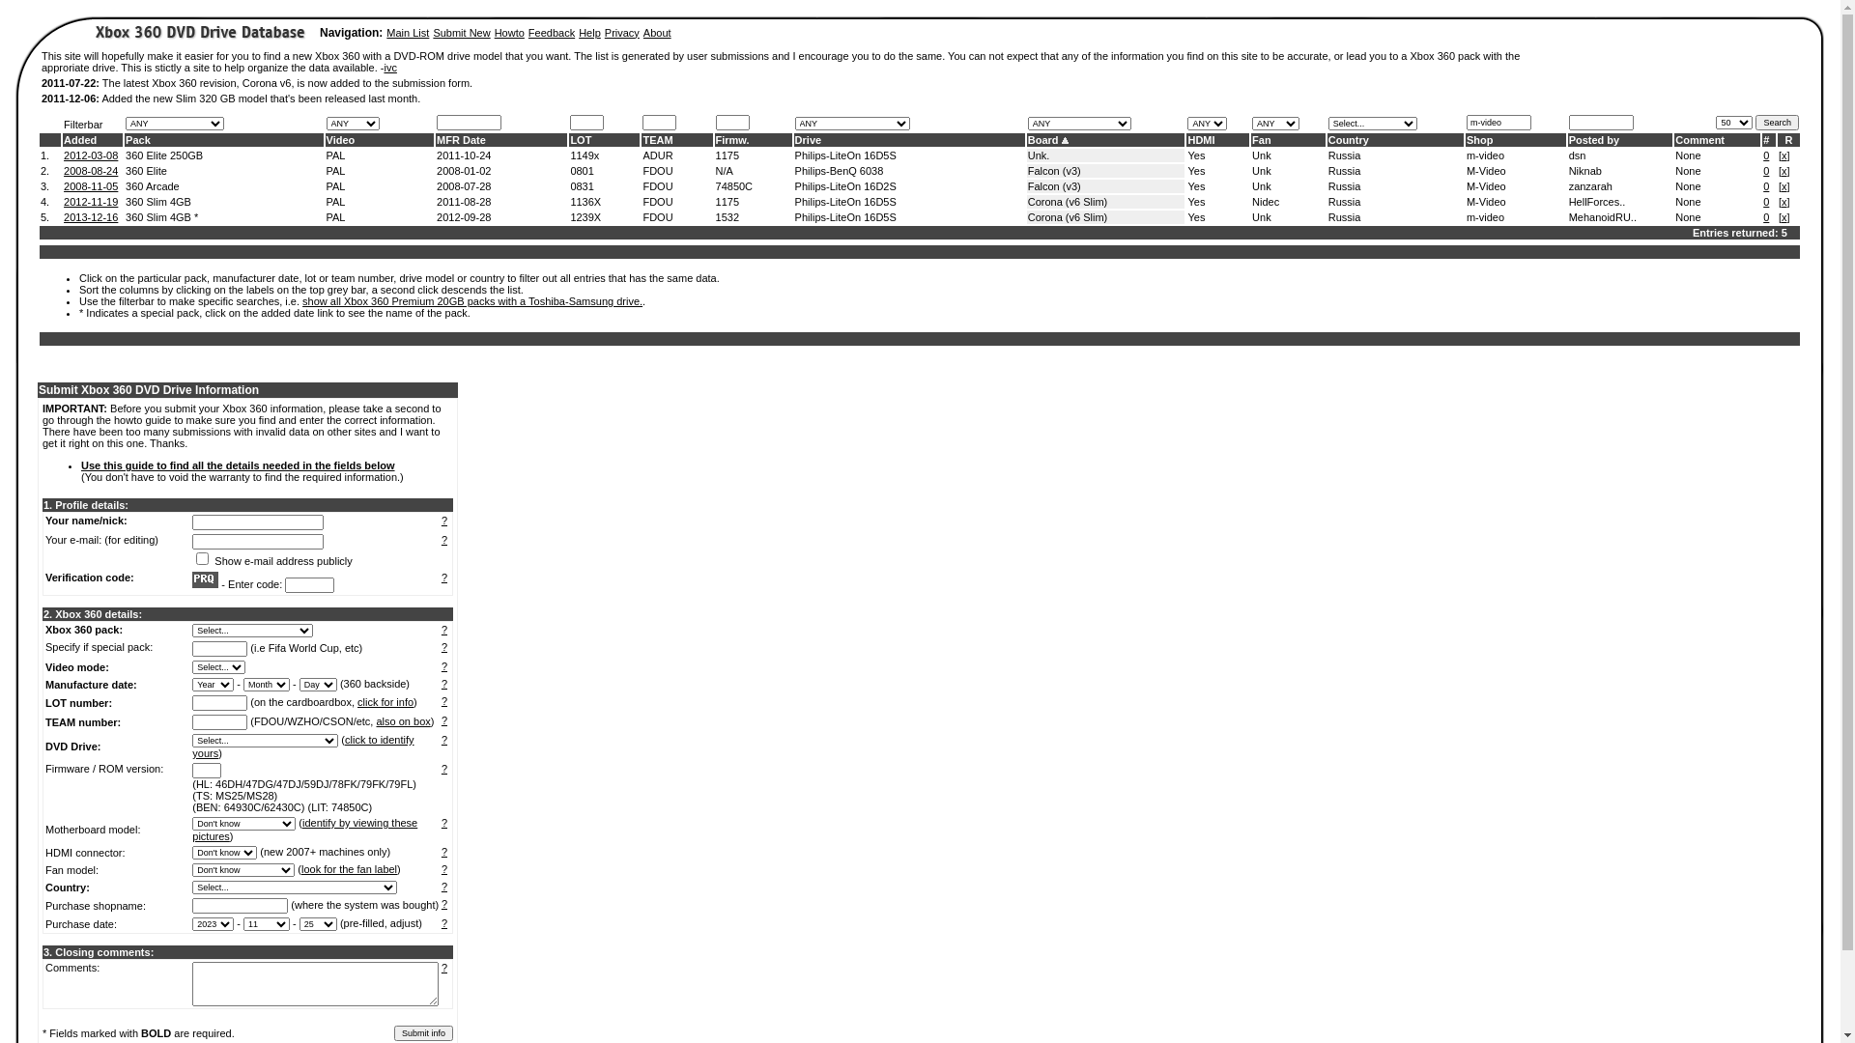  What do you see at coordinates (845, 201) in the screenshot?
I see `'Philips-LiteOn 16D5S'` at bounding box center [845, 201].